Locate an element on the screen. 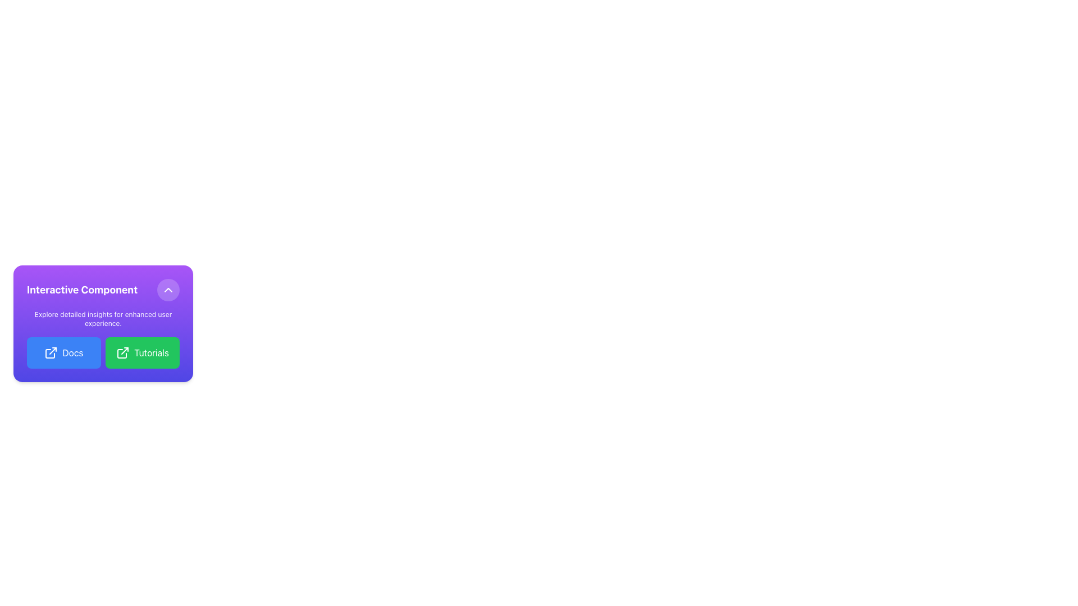 The width and height of the screenshot is (1078, 606). the chevron icon located within the circular button at the top-right corner of the 'Interactive Component' card is located at coordinates (167, 289).